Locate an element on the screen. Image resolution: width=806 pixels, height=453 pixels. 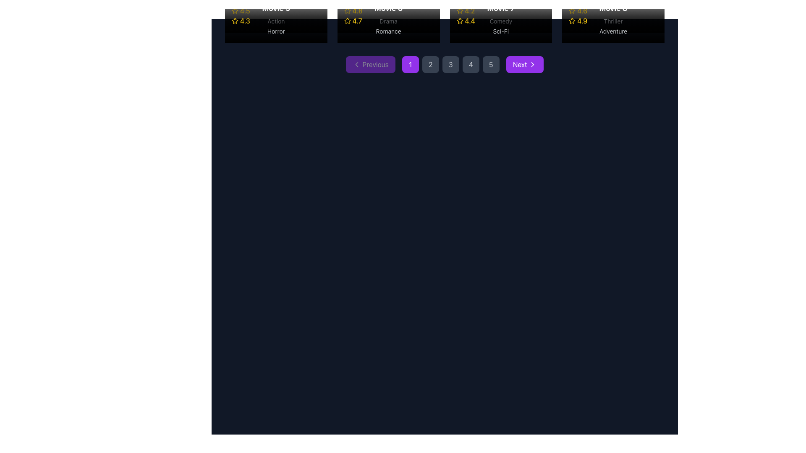
the movie rating indicator located beneath the title 'Movie 4' and above the genre label 'Thriller' is located at coordinates (613, 11).